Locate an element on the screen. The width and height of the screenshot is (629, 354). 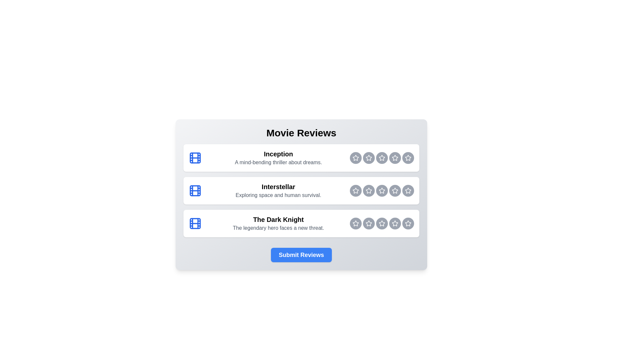
the rating button for The Dark Knight at 1 stars is located at coordinates (355, 223).